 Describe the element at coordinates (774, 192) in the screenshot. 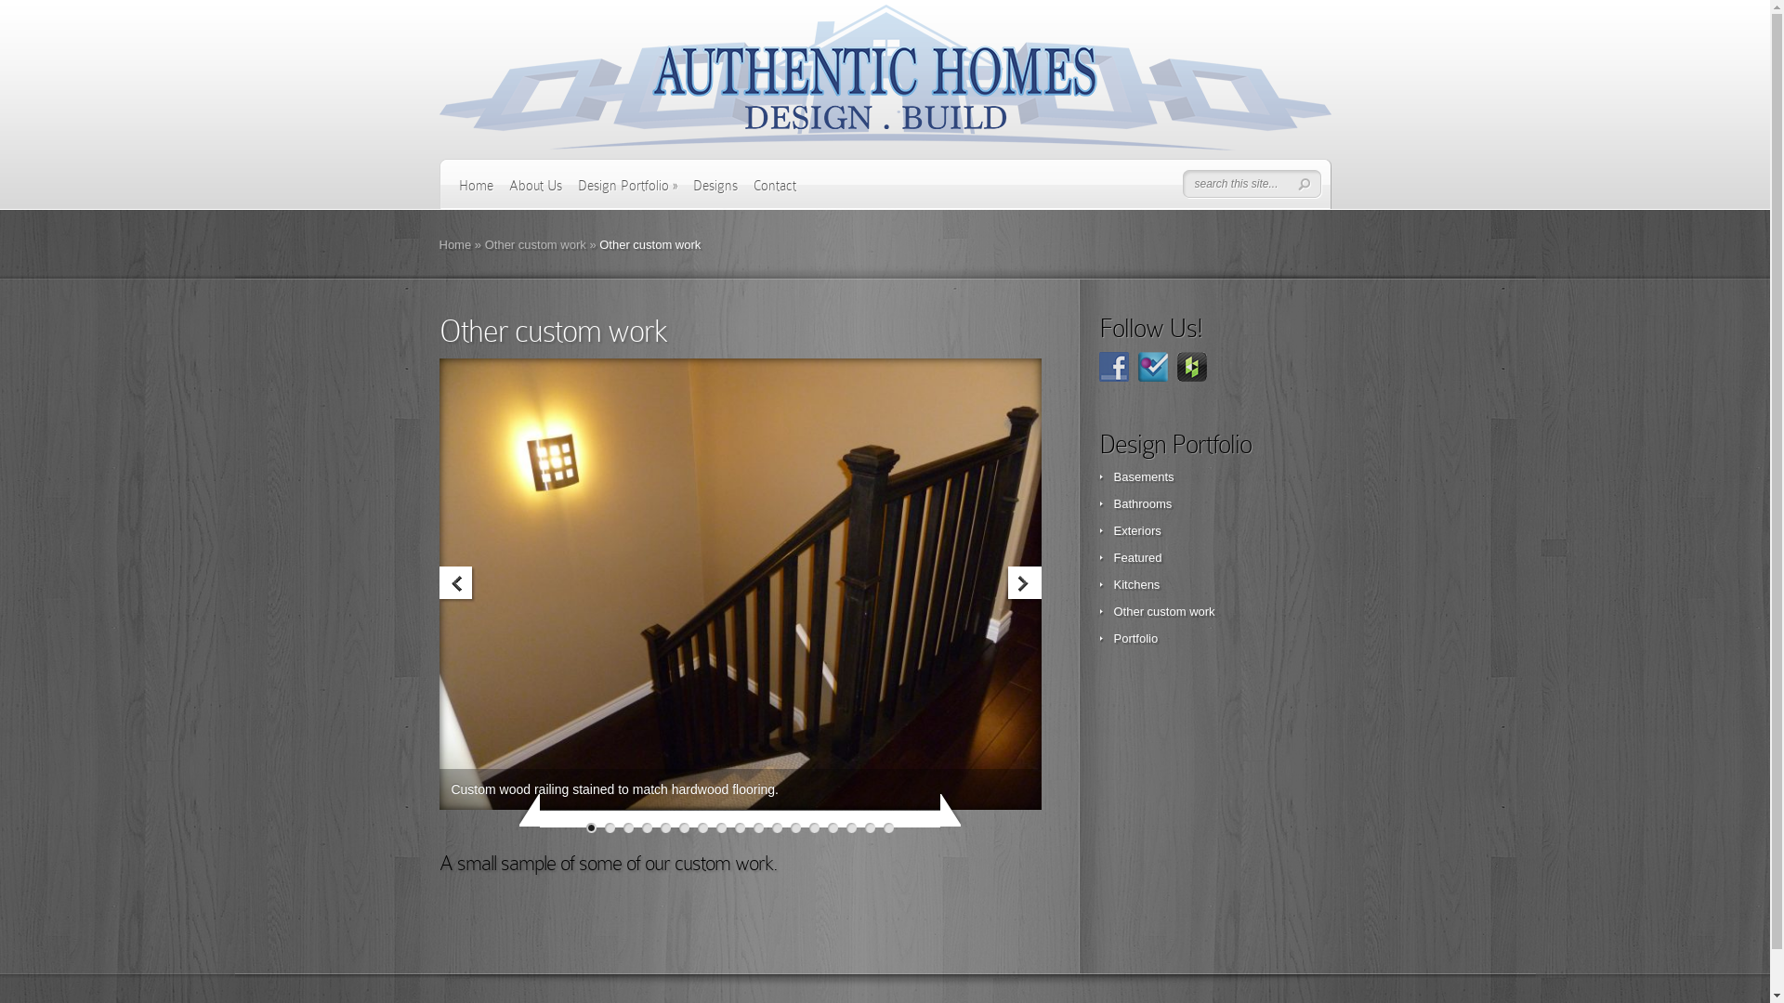

I see `'Contact'` at that location.